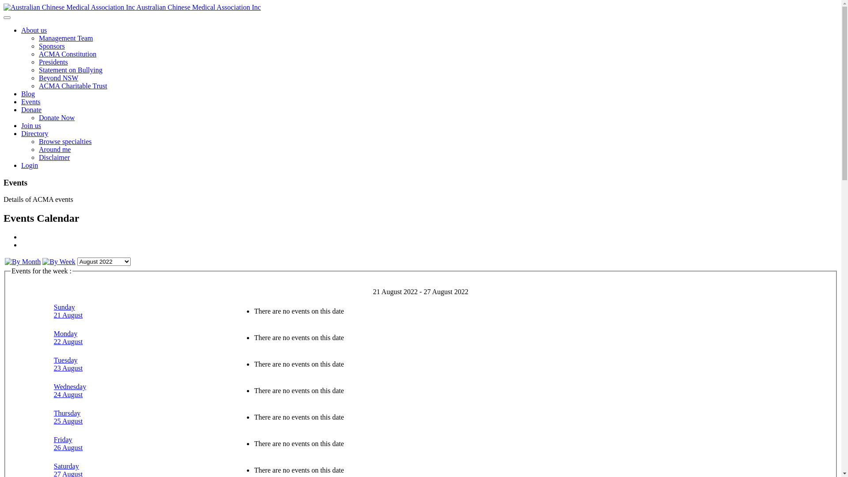 The width and height of the screenshot is (848, 477). Describe the element at coordinates (34, 30) in the screenshot. I see `'About us'` at that location.